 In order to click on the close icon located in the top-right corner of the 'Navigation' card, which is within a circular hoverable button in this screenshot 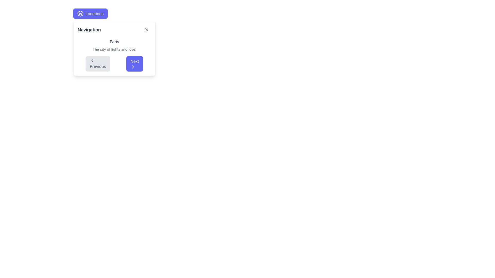, I will do `click(146, 30)`.